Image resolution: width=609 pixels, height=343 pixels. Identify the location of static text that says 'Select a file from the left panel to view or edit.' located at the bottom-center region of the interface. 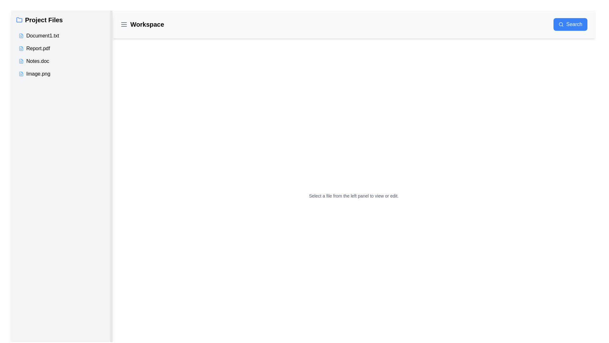
(353, 196).